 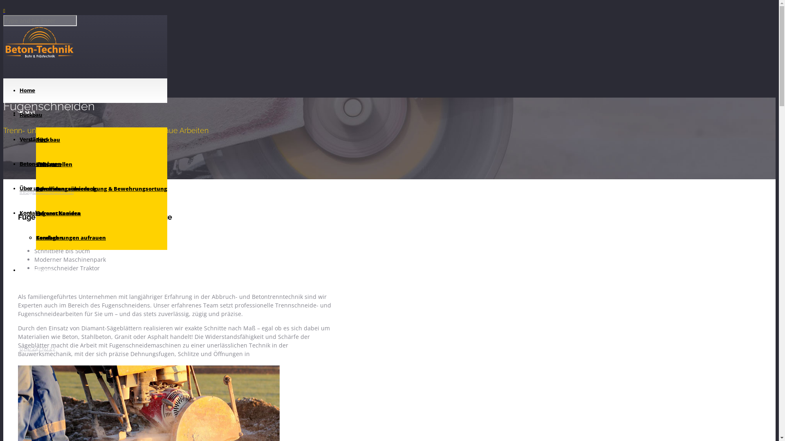 I want to click on 'Beton-Analysen', so click(x=40, y=164).